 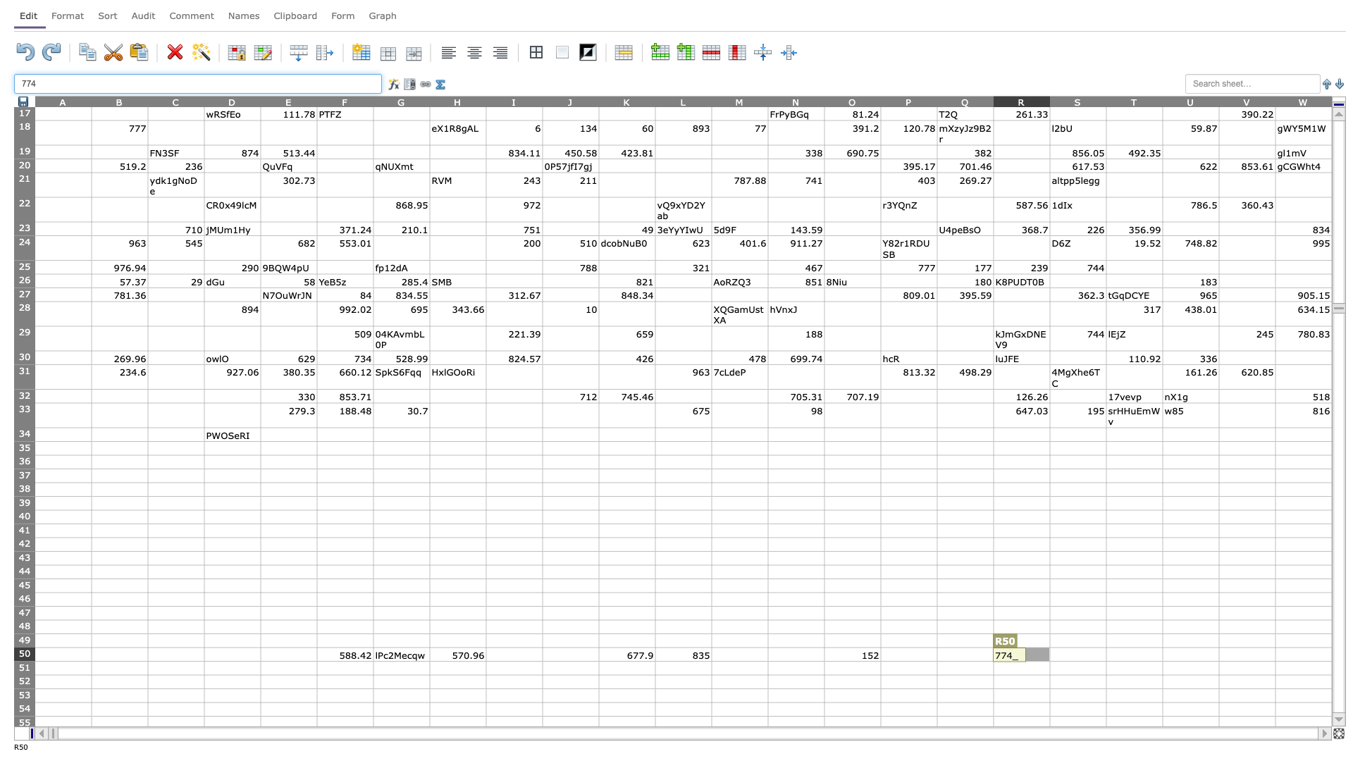 I want to click on Place cursor on top left corner of S50, so click(x=1049, y=647).